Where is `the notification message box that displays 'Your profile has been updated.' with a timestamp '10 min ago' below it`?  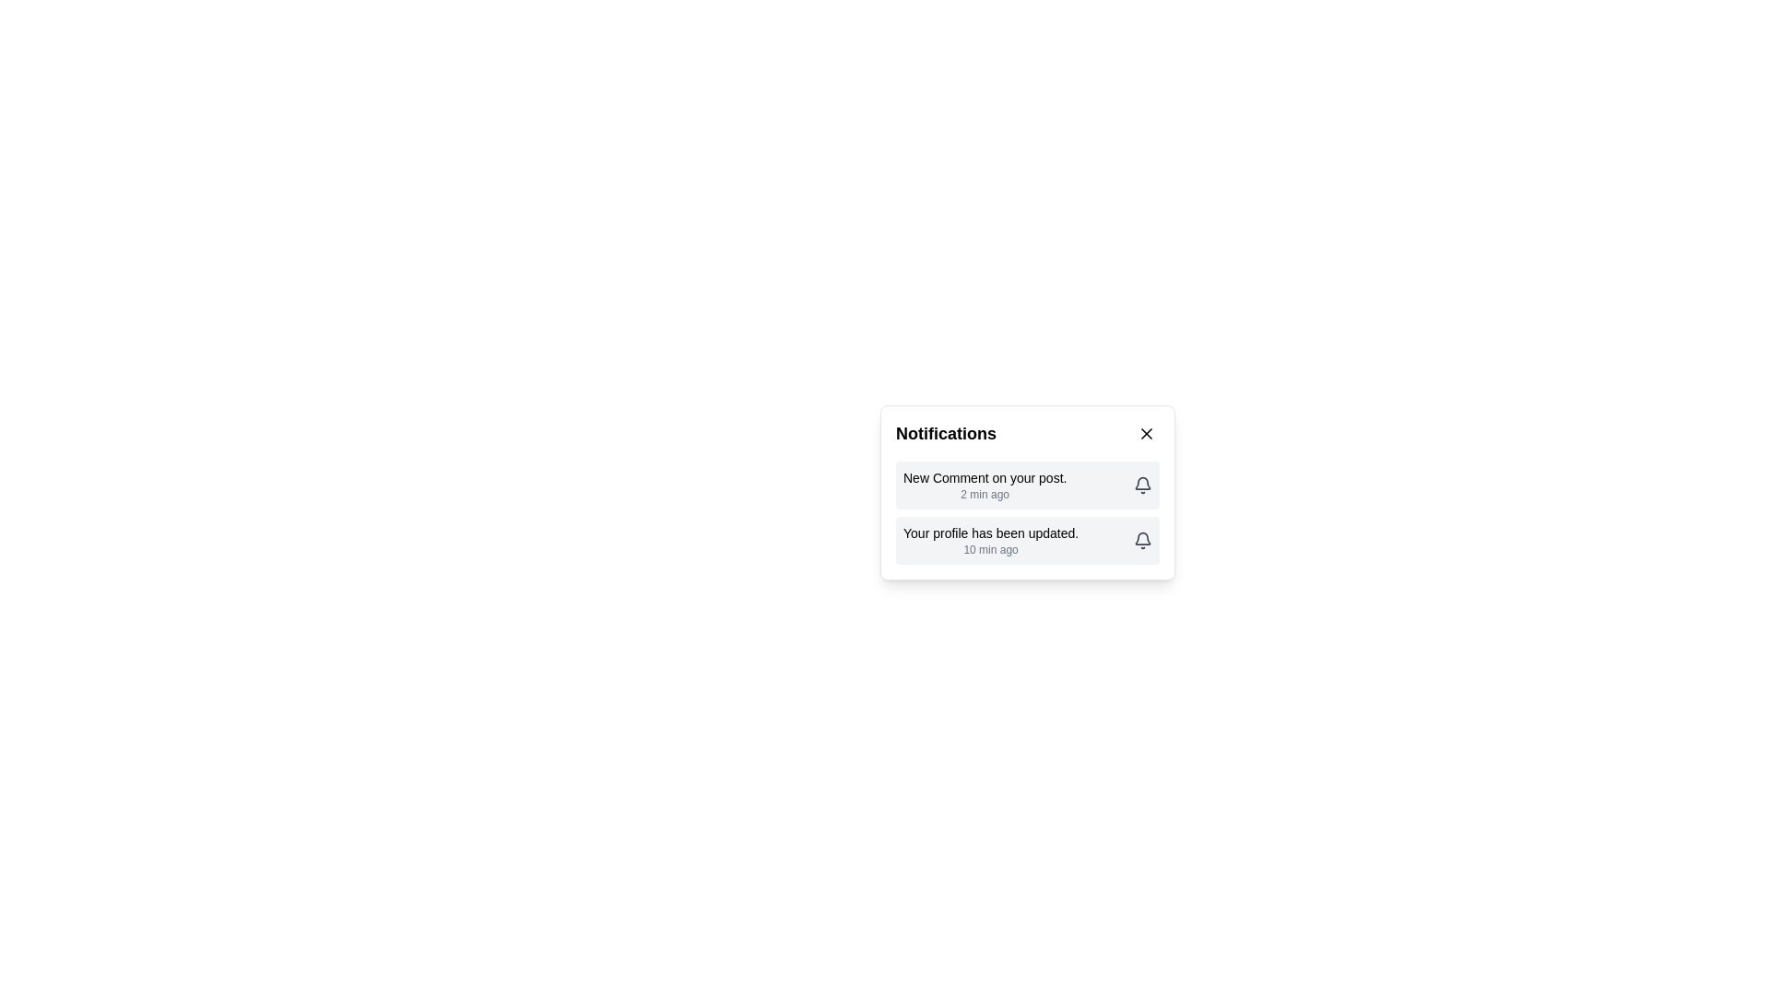 the notification message box that displays 'Your profile has been updated.' with a timestamp '10 min ago' below it is located at coordinates (1026, 539).